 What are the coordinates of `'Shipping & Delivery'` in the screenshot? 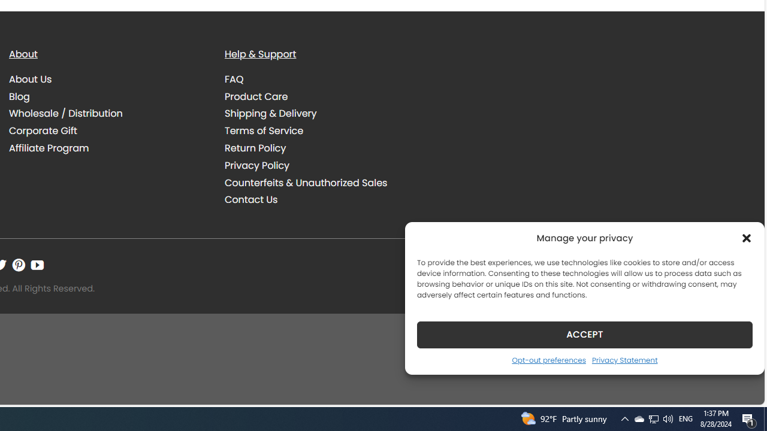 It's located at (270, 114).